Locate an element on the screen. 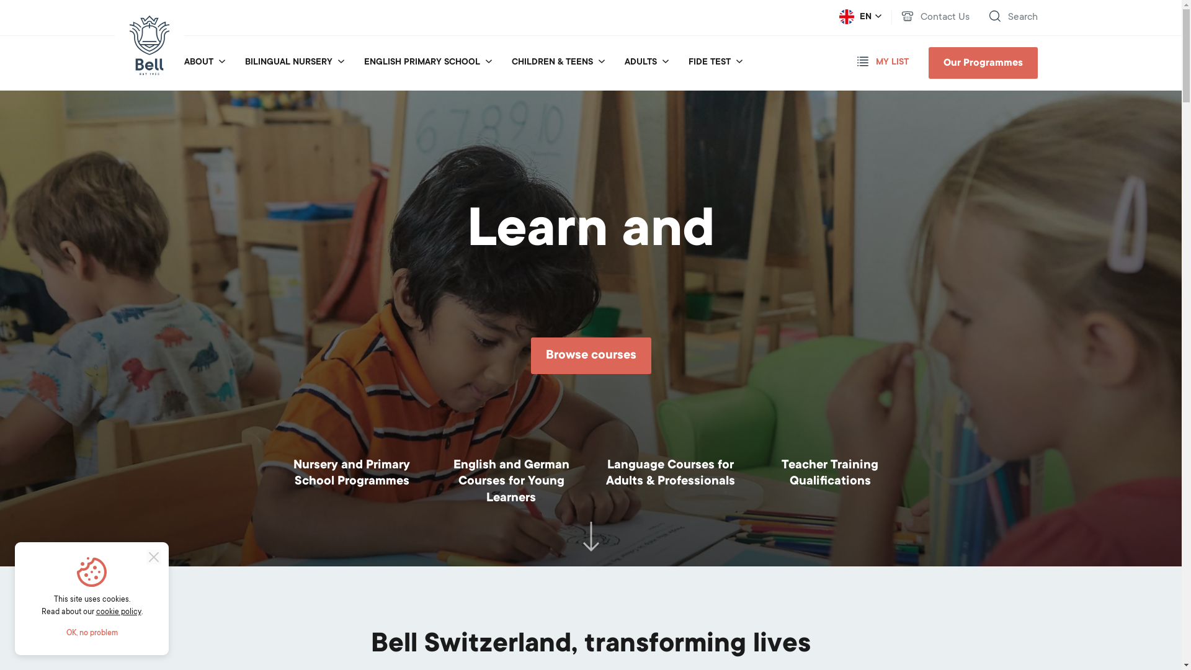  'Browse courses' is located at coordinates (530, 355).